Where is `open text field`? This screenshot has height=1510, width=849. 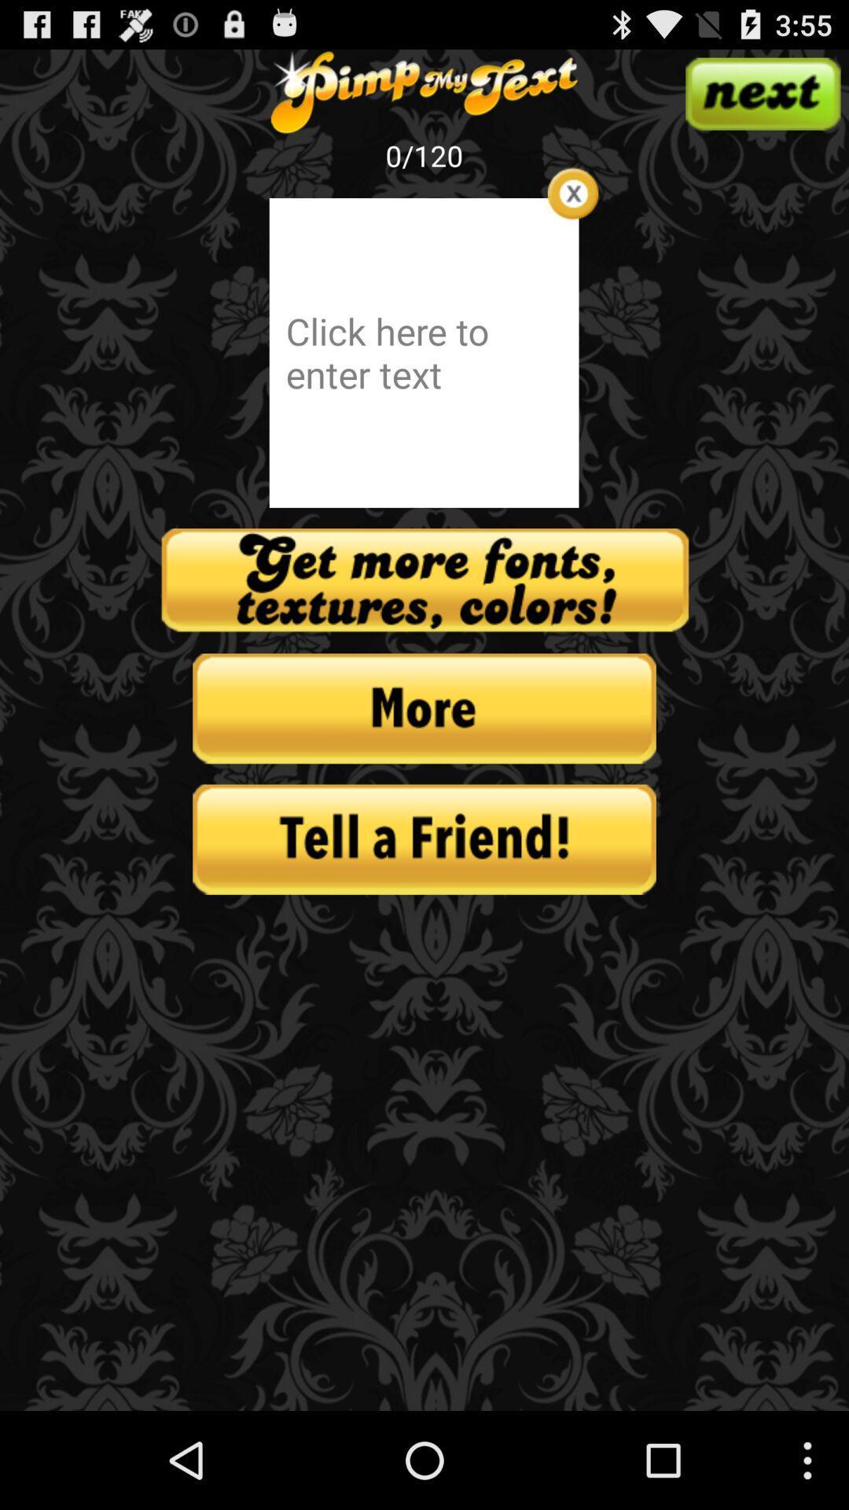
open text field is located at coordinates (423, 352).